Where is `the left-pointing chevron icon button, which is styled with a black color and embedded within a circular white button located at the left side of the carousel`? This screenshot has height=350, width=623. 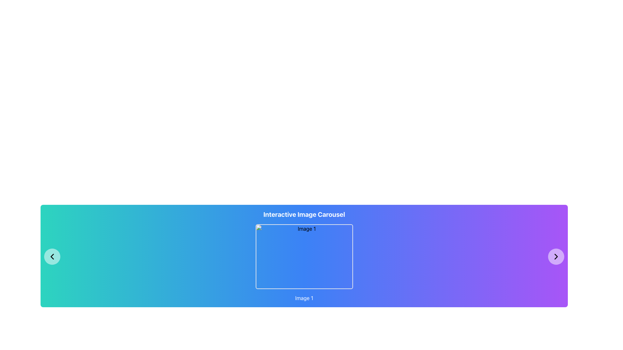
the left-pointing chevron icon button, which is styled with a black color and embedded within a circular white button located at the left side of the carousel is located at coordinates (52, 256).